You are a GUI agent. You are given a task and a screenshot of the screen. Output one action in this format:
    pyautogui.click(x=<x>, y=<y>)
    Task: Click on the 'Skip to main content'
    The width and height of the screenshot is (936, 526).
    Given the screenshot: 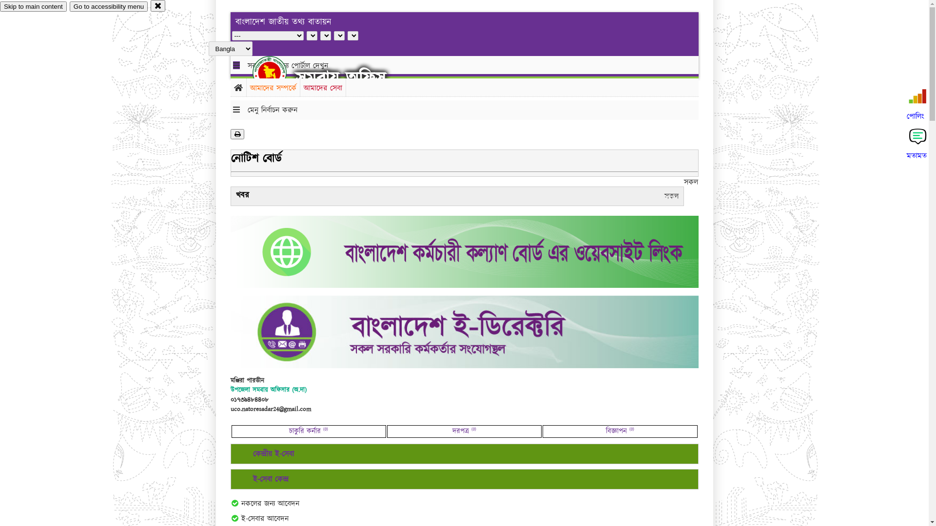 What is the action you would take?
    pyautogui.click(x=0, y=6)
    